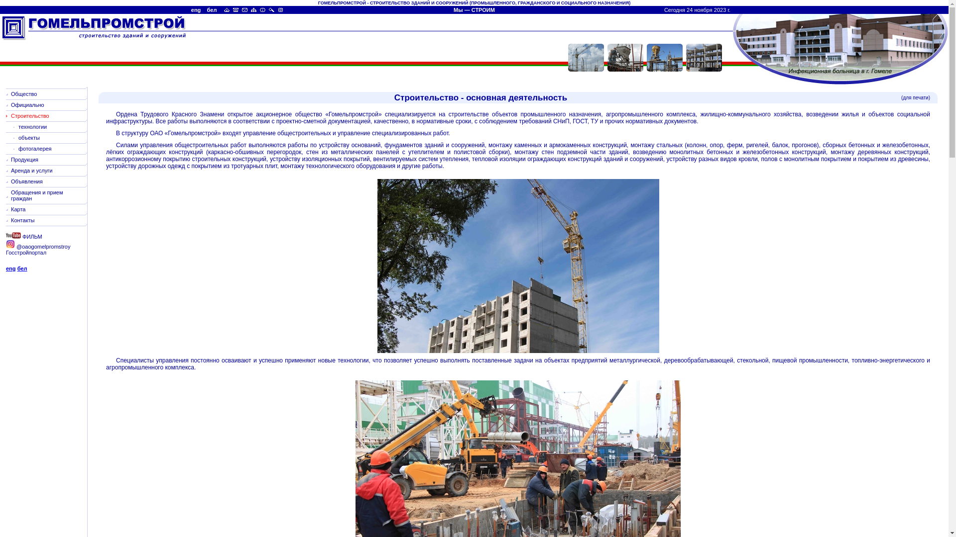 This screenshot has height=537, width=956. I want to click on 'eng   ', so click(191, 9).